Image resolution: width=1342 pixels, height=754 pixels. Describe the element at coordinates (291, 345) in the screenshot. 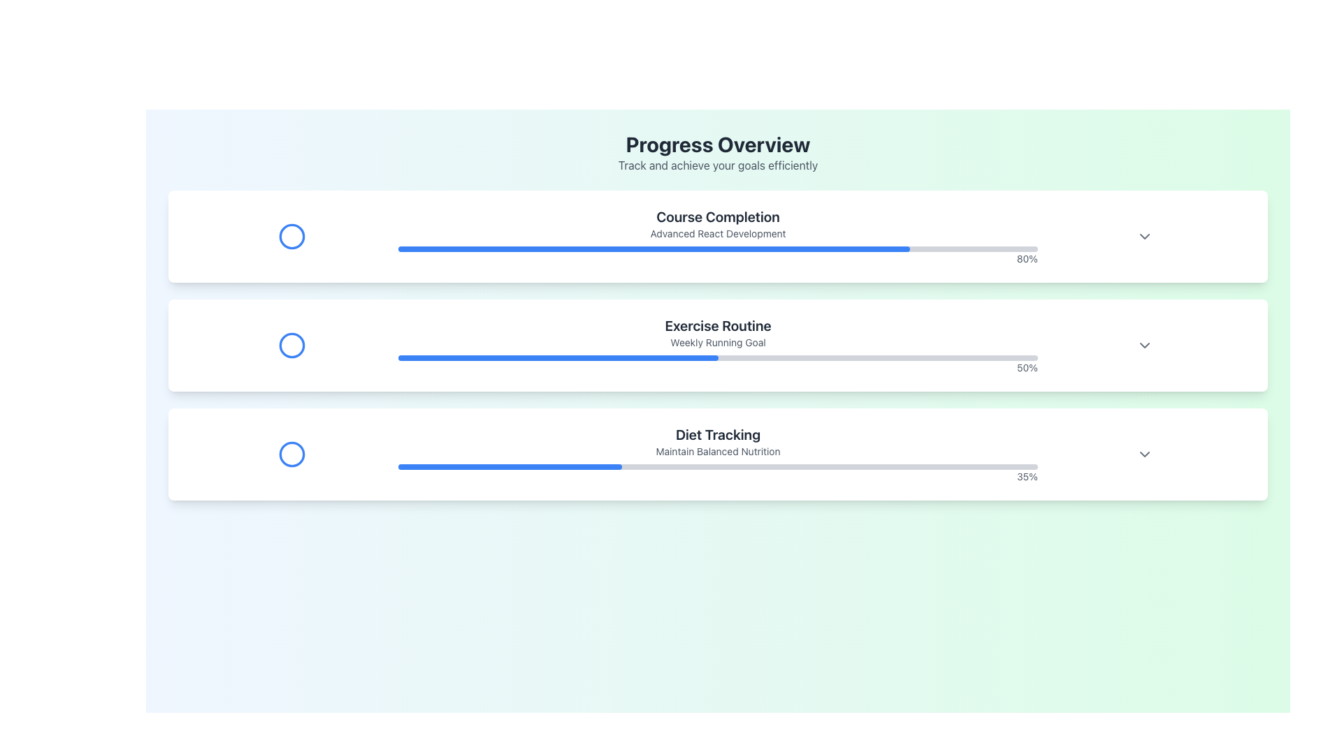

I see `the circular visual button or indicator associated with the progress tracker located in the second item of the vertical list` at that location.